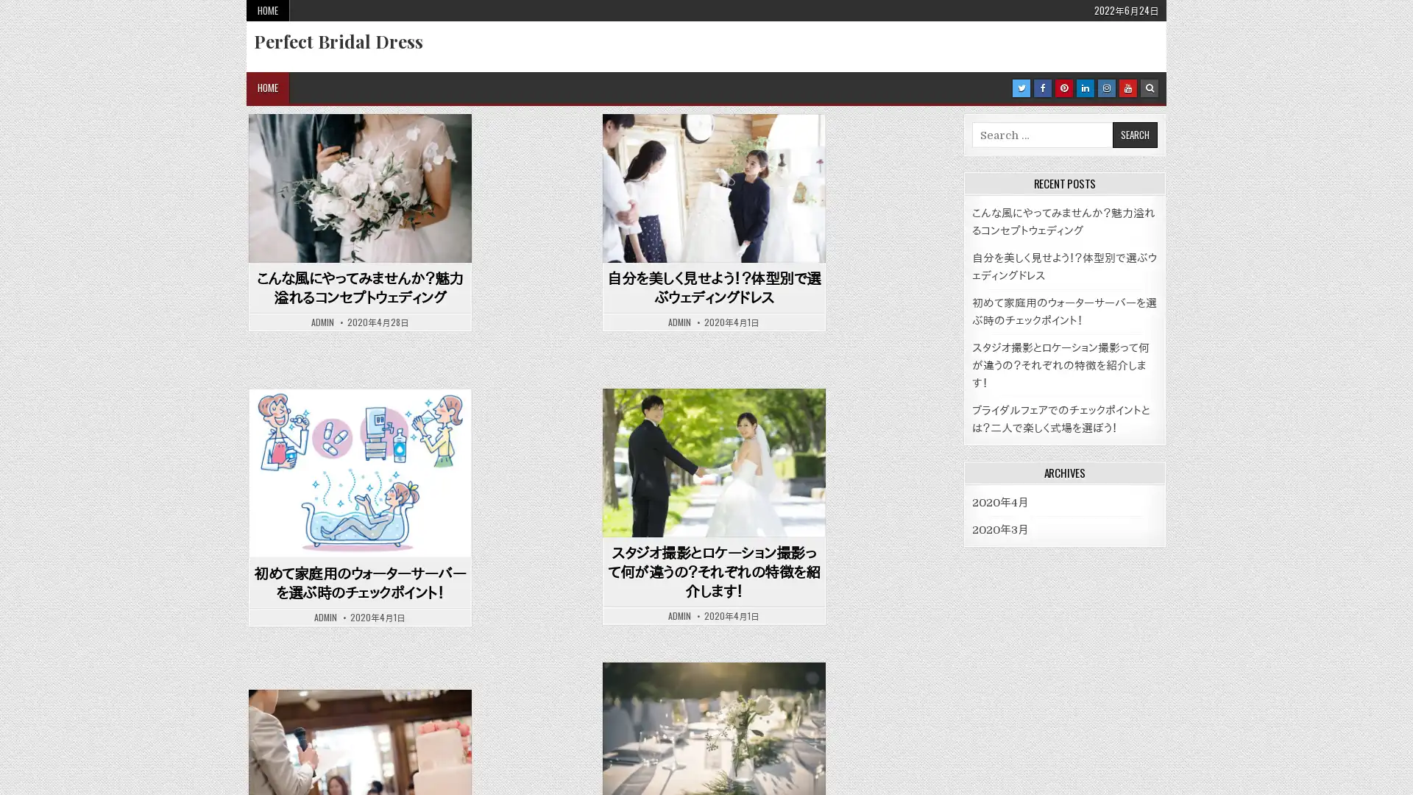 The image size is (1413, 795). Describe the element at coordinates (1133, 135) in the screenshot. I see `Search` at that location.